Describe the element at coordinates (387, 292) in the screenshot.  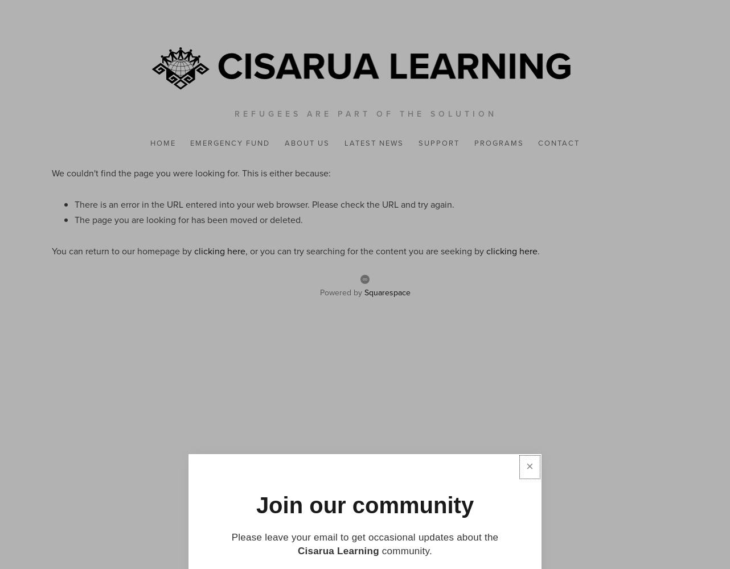
I see `'Squarespace'` at that location.